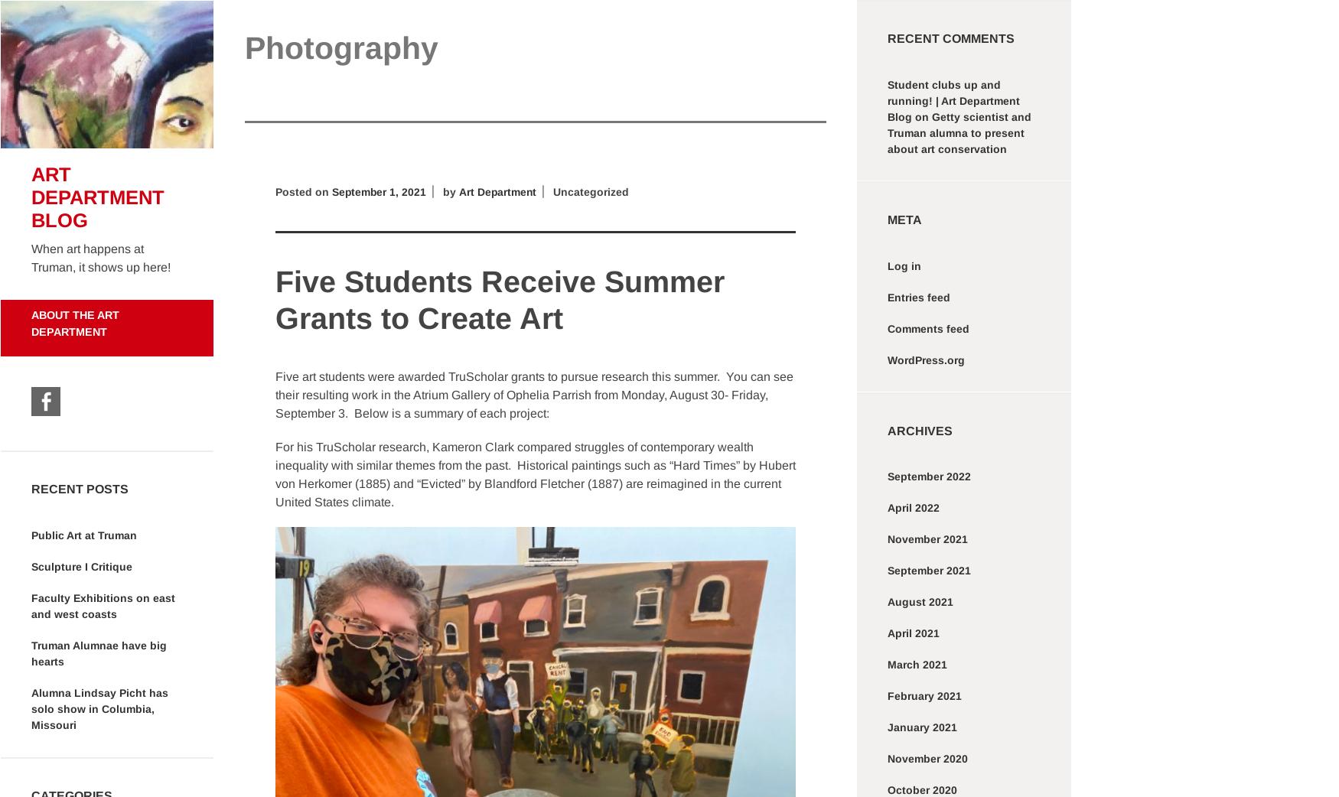 The image size is (1339, 797). I want to click on 'Archives', so click(887, 429).